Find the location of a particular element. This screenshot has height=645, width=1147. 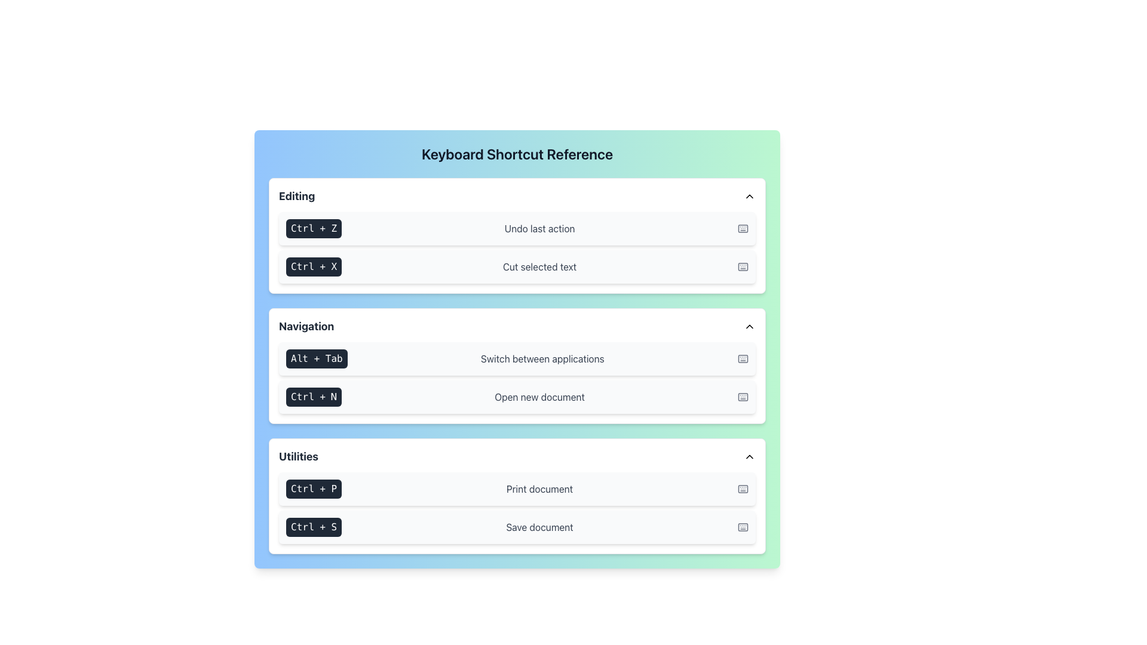

the upward-pointing chevron icon in the title bar of the 'Navigation' section is located at coordinates (749, 327).